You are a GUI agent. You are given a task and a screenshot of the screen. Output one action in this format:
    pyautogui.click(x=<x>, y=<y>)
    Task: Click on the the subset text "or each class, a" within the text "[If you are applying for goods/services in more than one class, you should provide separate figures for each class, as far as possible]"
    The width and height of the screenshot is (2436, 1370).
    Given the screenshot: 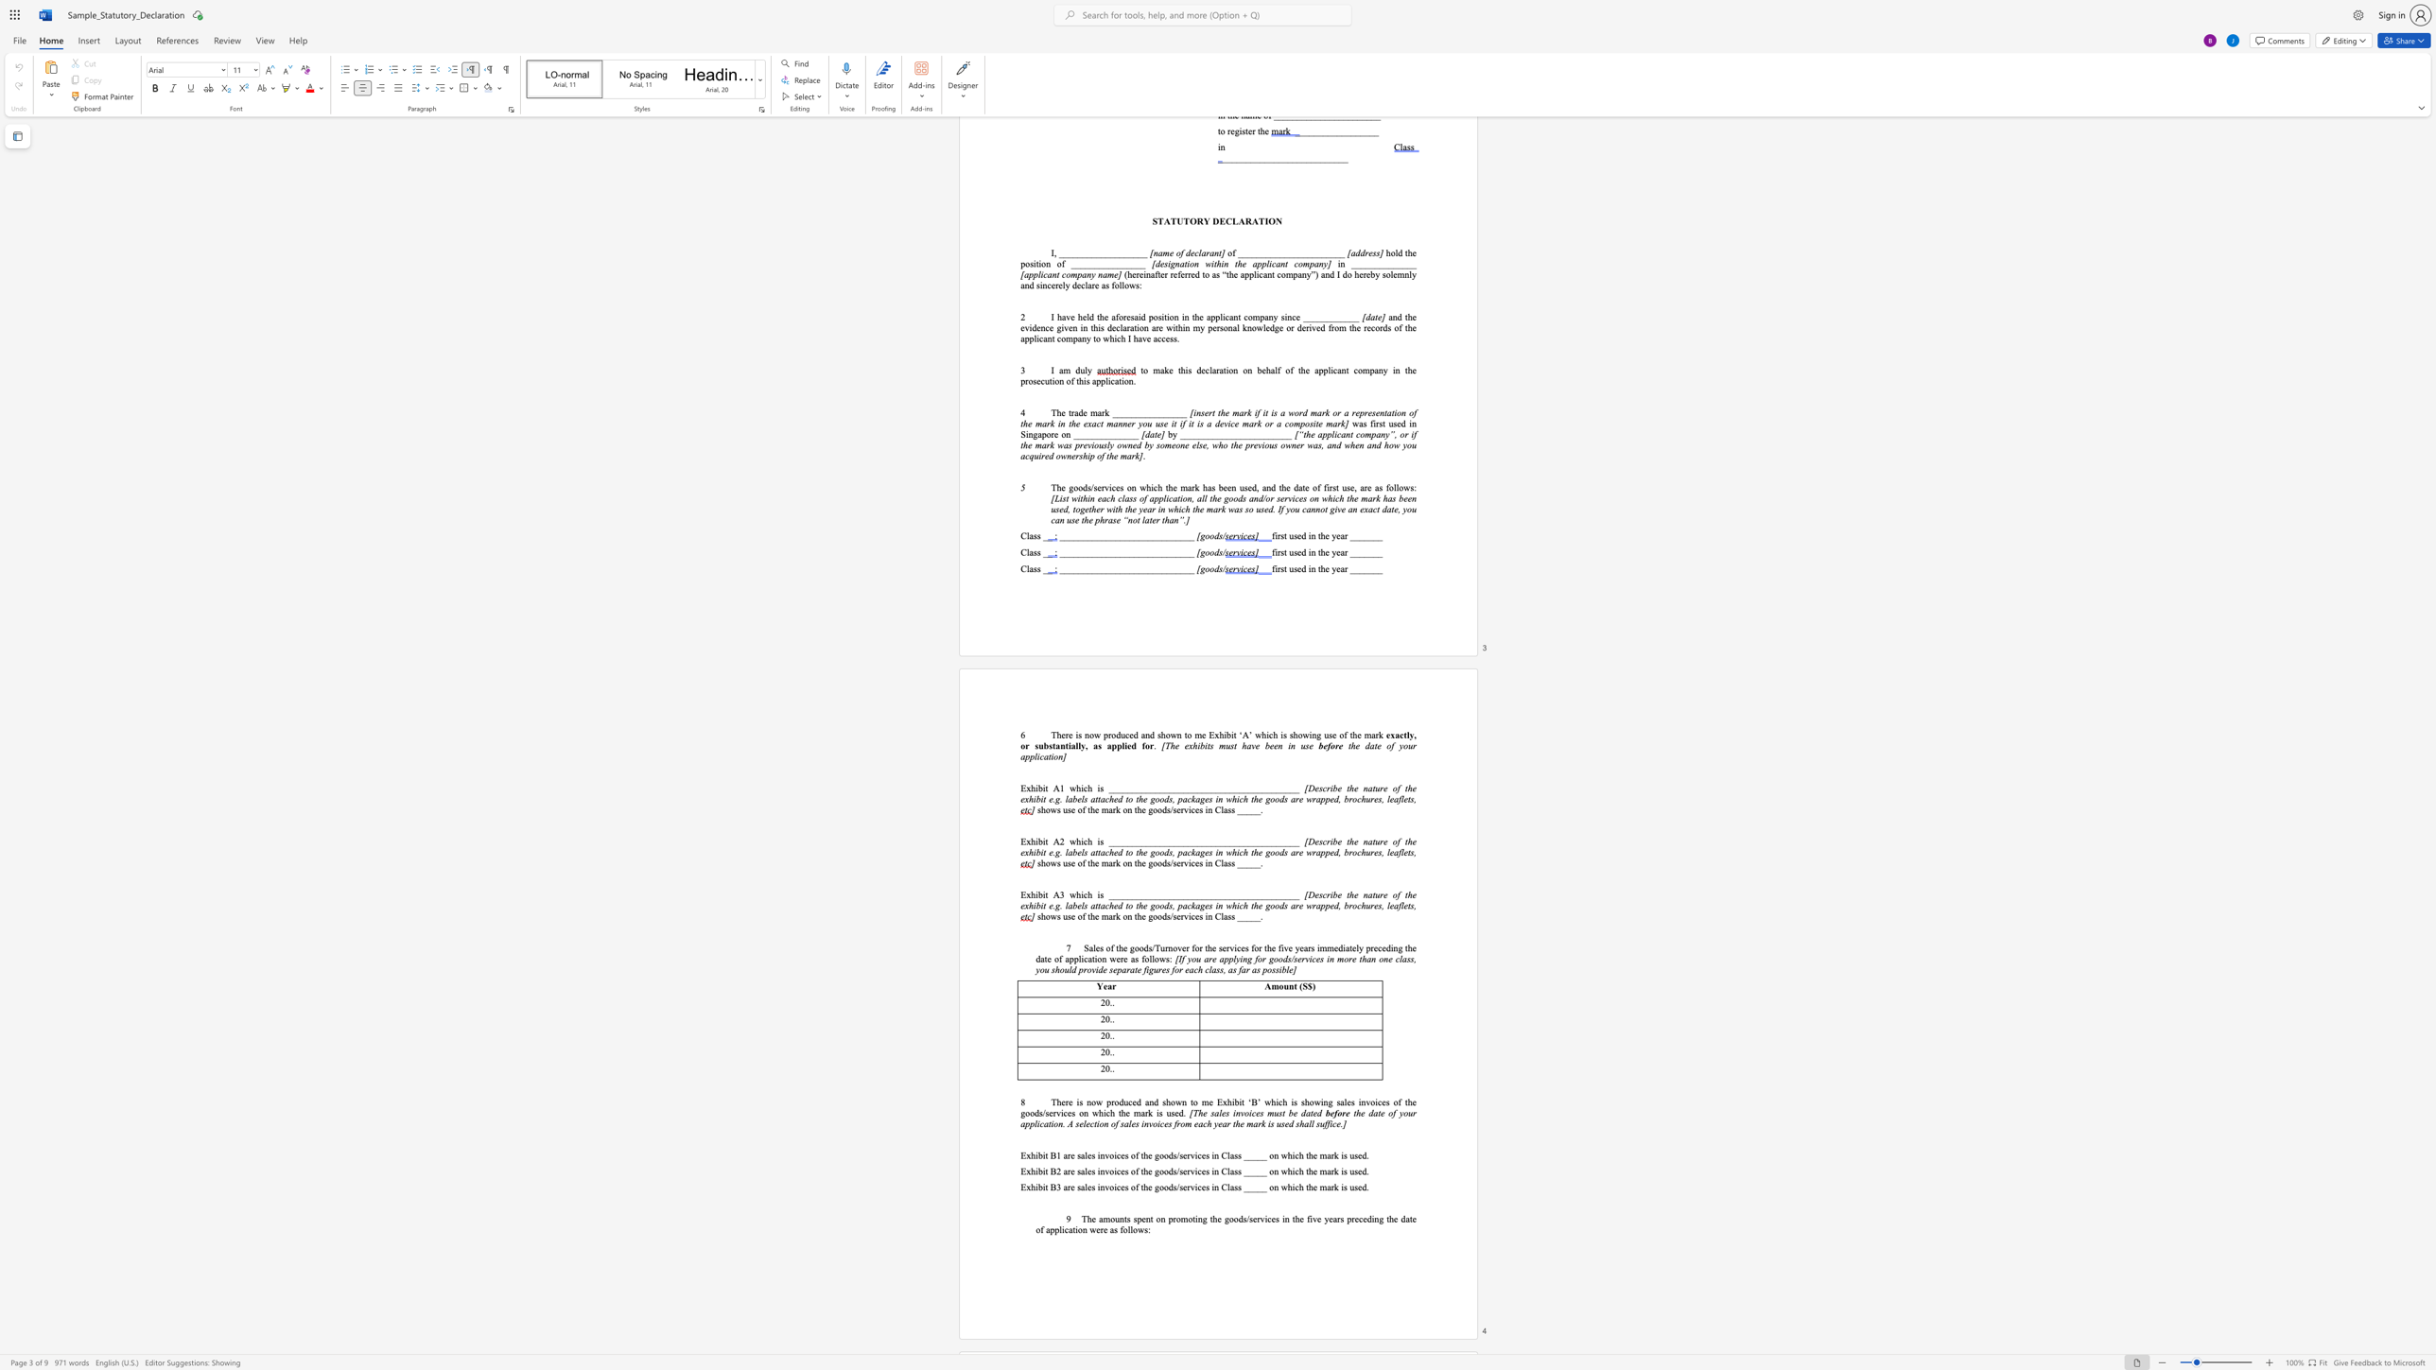 What is the action you would take?
    pyautogui.click(x=1174, y=970)
    